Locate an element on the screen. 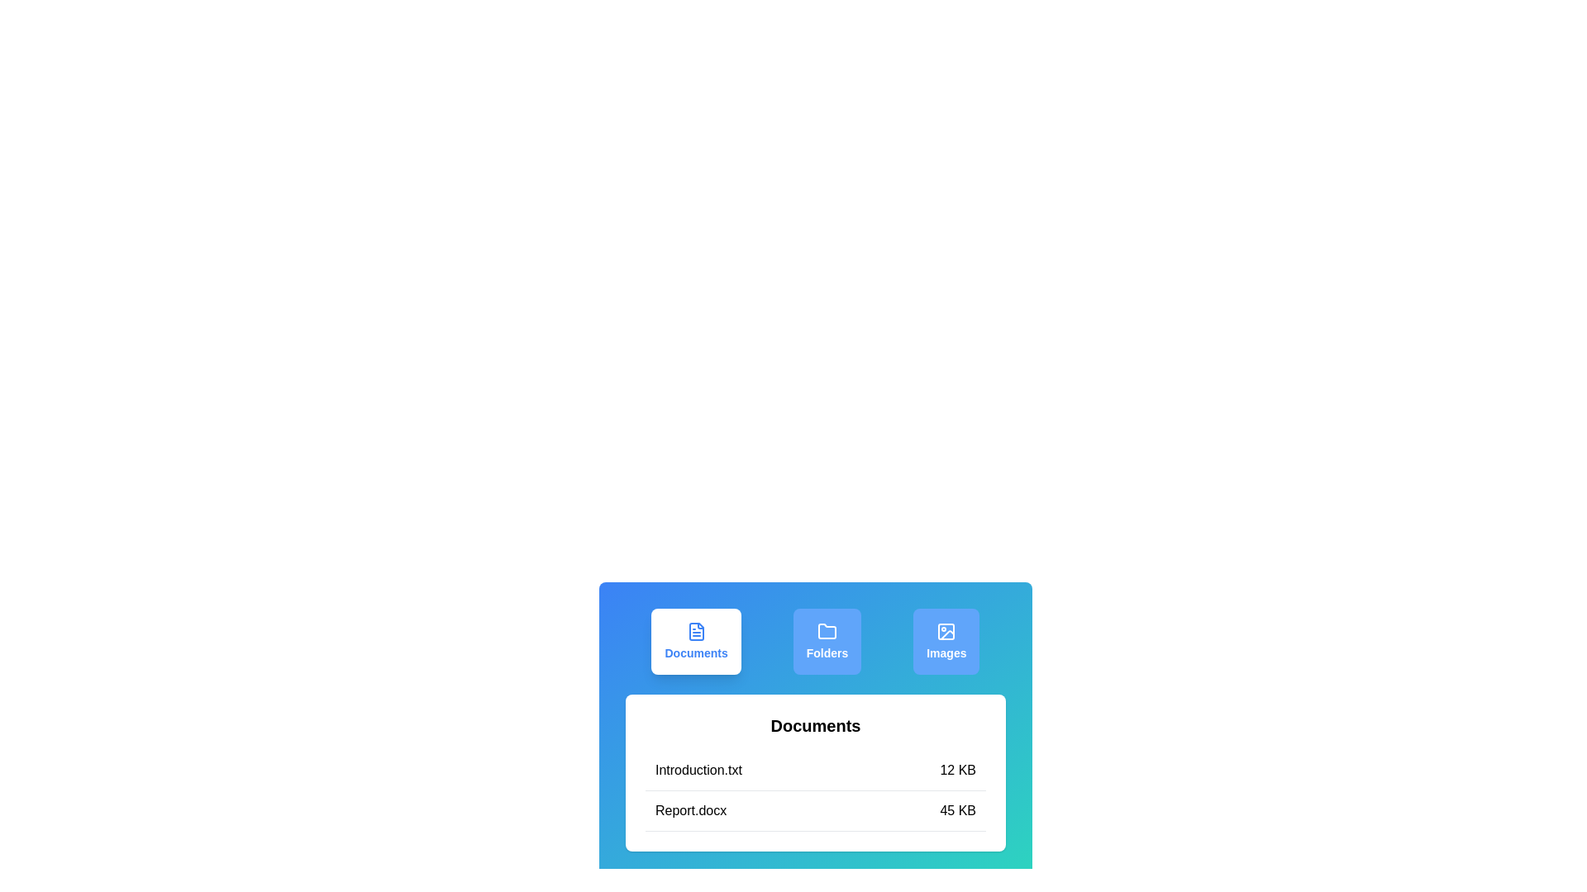 The width and height of the screenshot is (1587, 892). the graphical geometric shape that represents a part of the 'Images' icon, which is the third icon in a row of three, located between the 'Folders' icon and the dialog displaying file details is located at coordinates (946, 631).